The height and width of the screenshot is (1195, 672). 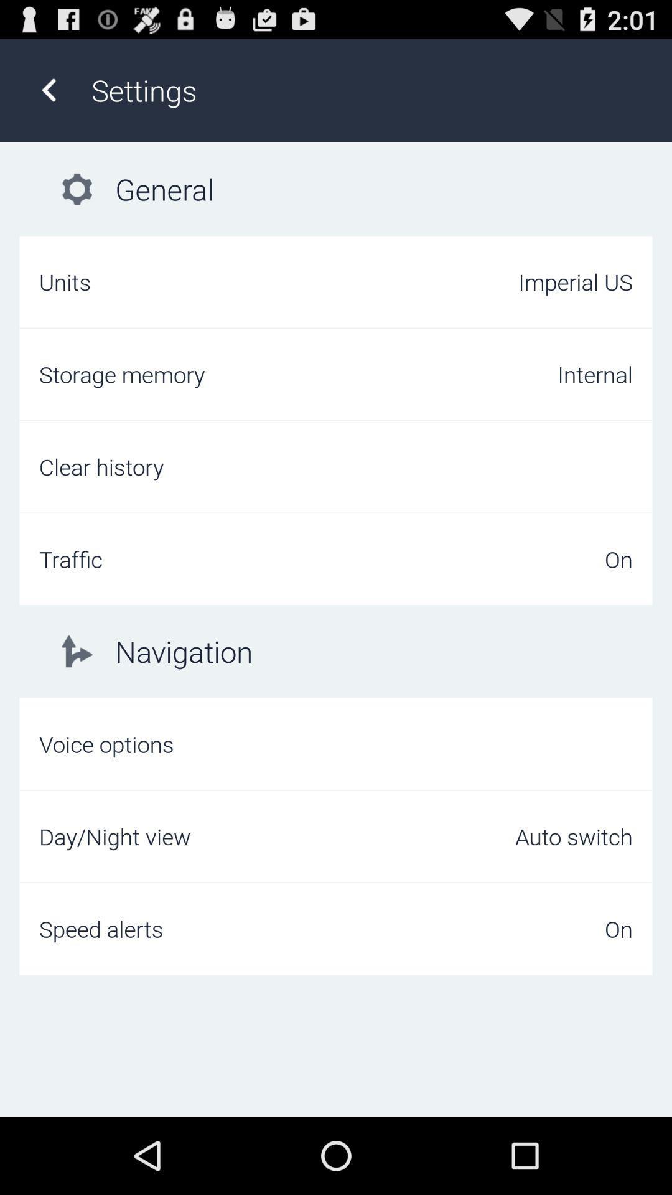 What do you see at coordinates (48, 96) in the screenshot?
I see `the arrow_backward icon` at bounding box center [48, 96].